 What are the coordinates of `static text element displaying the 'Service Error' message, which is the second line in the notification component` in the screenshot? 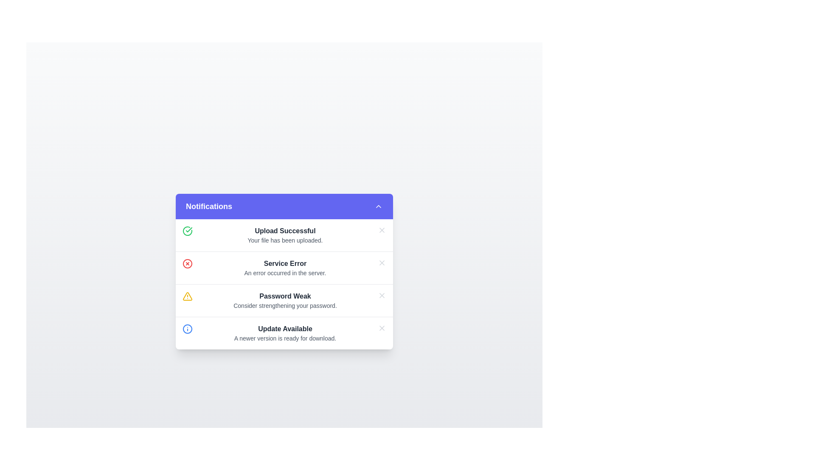 It's located at (285, 273).